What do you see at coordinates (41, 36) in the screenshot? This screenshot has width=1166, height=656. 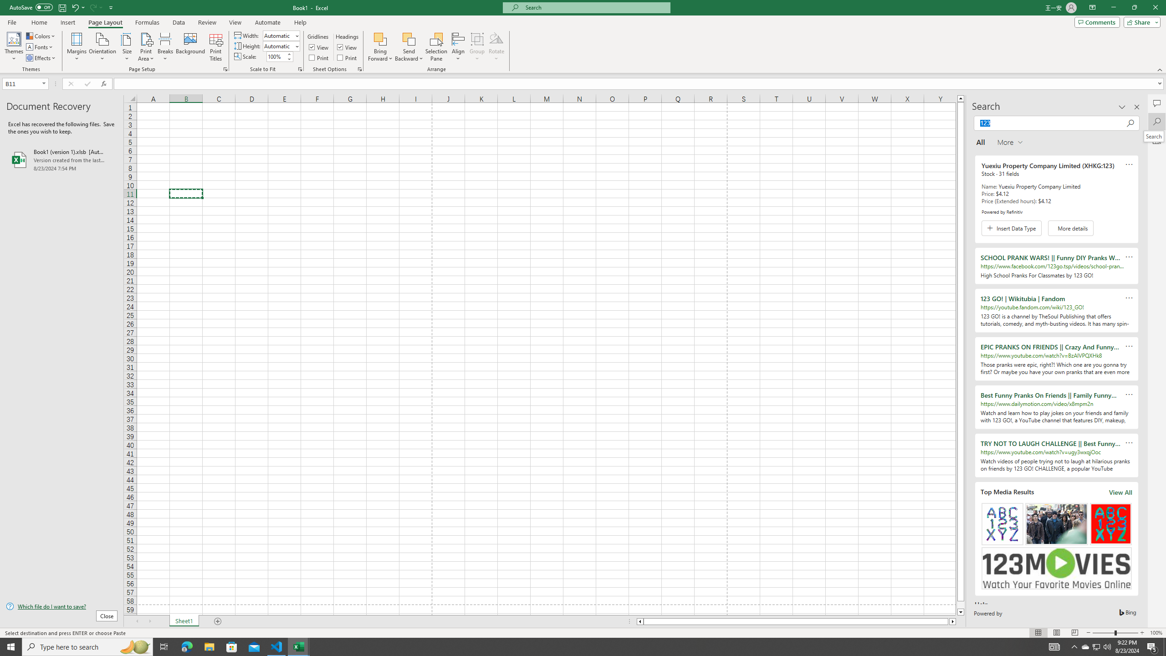 I see `'Colors'` at bounding box center [41, 36].